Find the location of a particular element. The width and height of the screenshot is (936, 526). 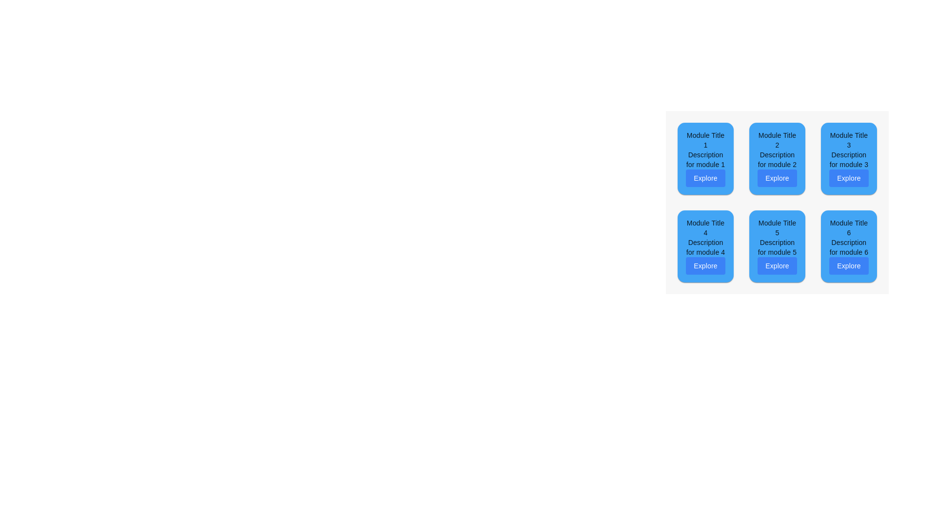

the 'Explore' button, which is a rectangular button with rounded corners and a blue background located below 'Module Title 1' and 'Description for module 1' is located at coordinates (705, 178).